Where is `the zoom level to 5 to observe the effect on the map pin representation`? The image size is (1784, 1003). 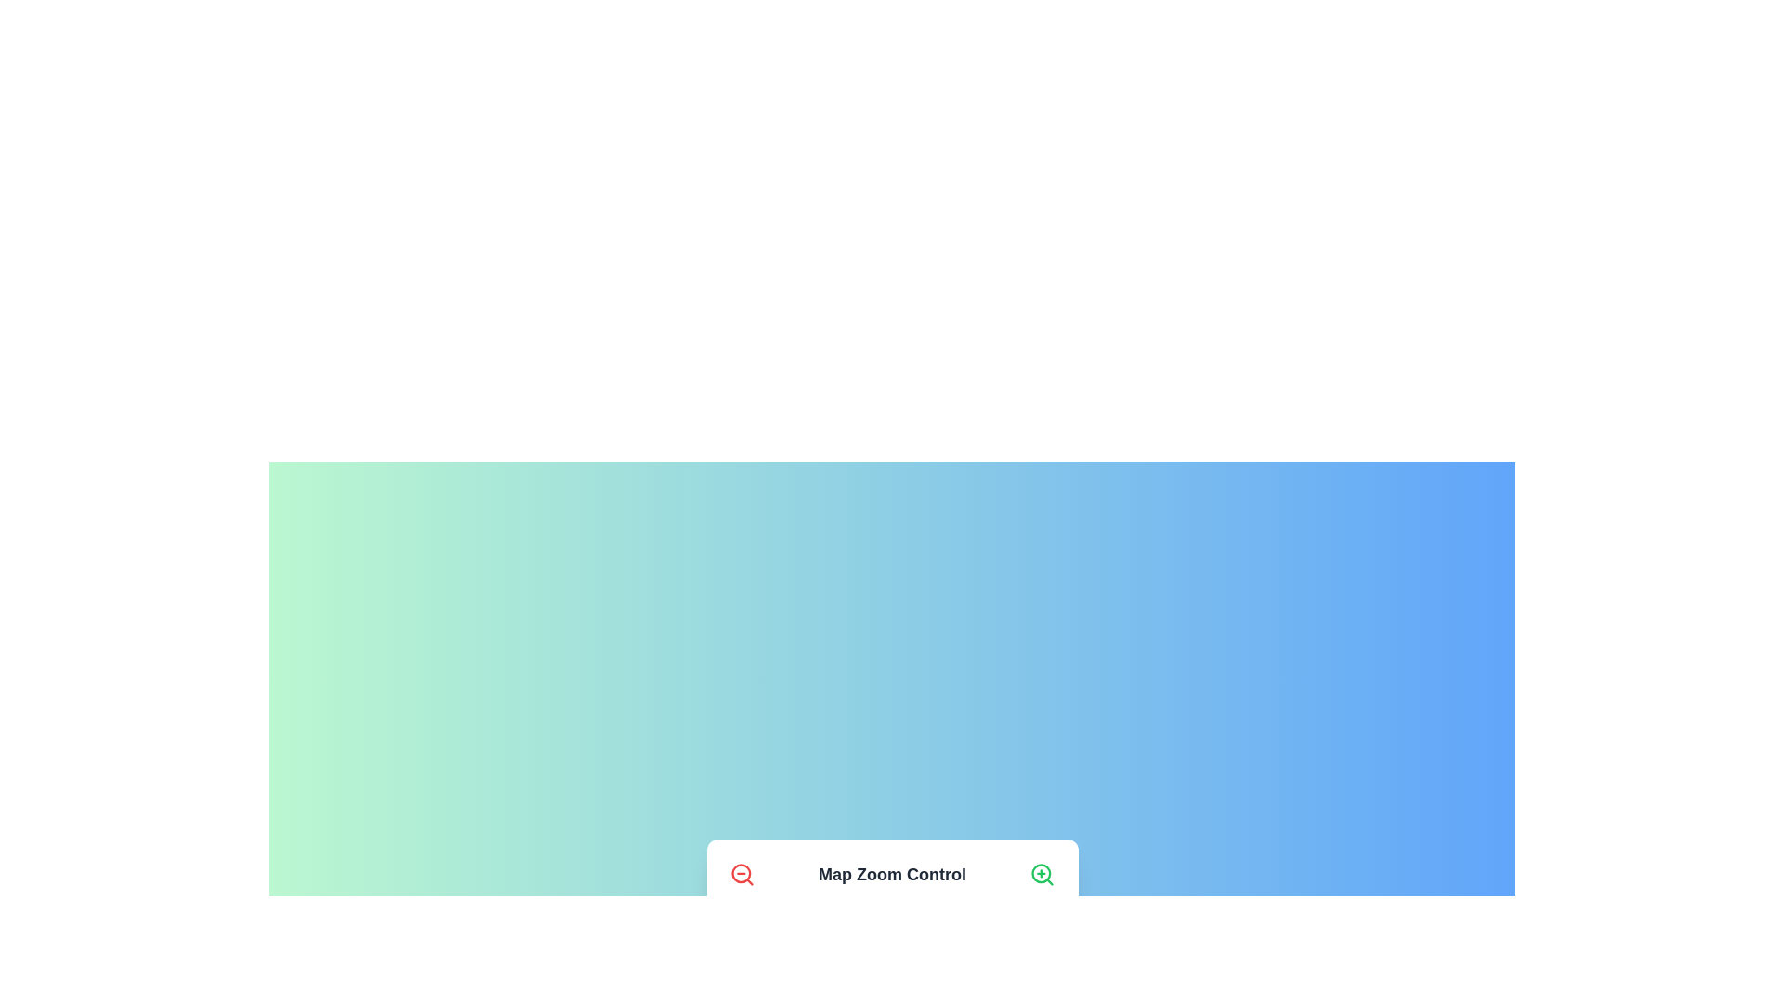
the zoom level to 5 to observe the effect on the map pin representation is located at coordinates (872, 931).